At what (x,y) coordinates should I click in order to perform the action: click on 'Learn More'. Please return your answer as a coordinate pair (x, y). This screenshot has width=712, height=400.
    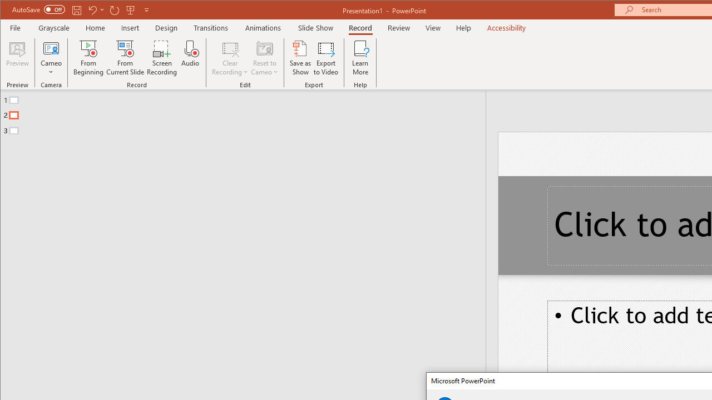
    Looking at the image, I should click on (360, 58).